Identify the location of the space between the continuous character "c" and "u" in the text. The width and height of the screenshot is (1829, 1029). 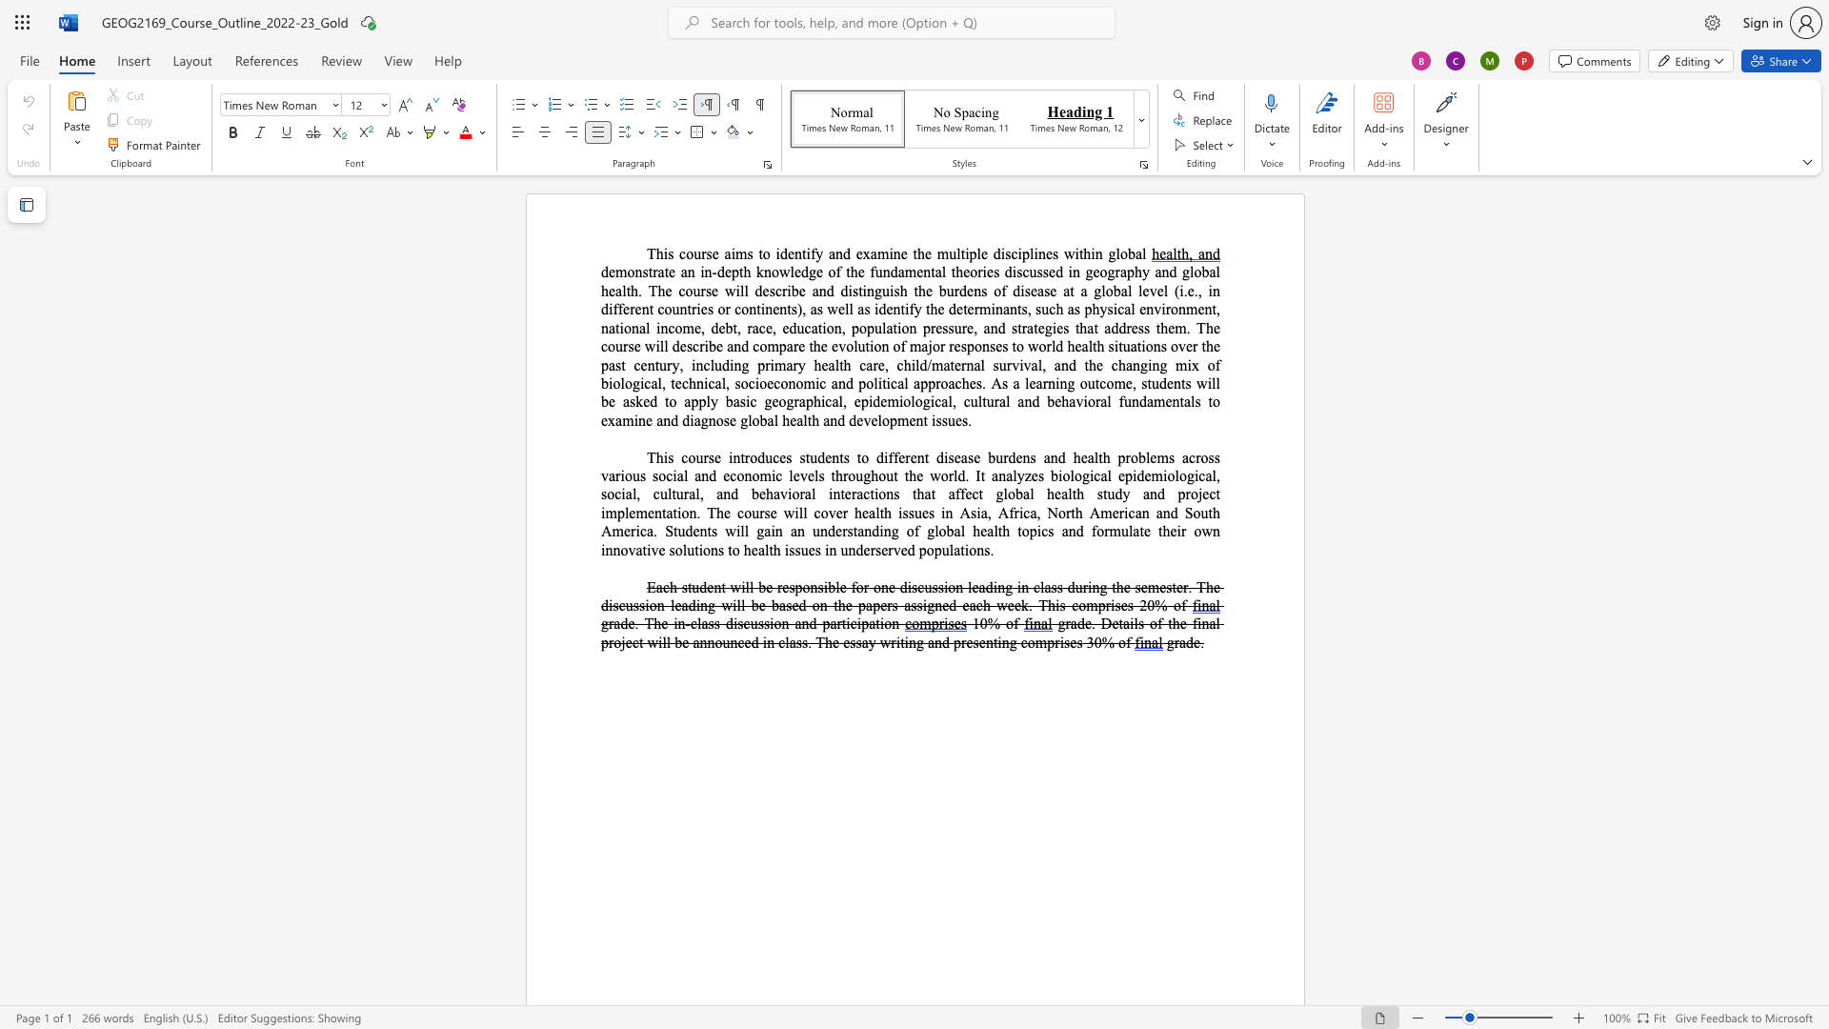
(749, 623).